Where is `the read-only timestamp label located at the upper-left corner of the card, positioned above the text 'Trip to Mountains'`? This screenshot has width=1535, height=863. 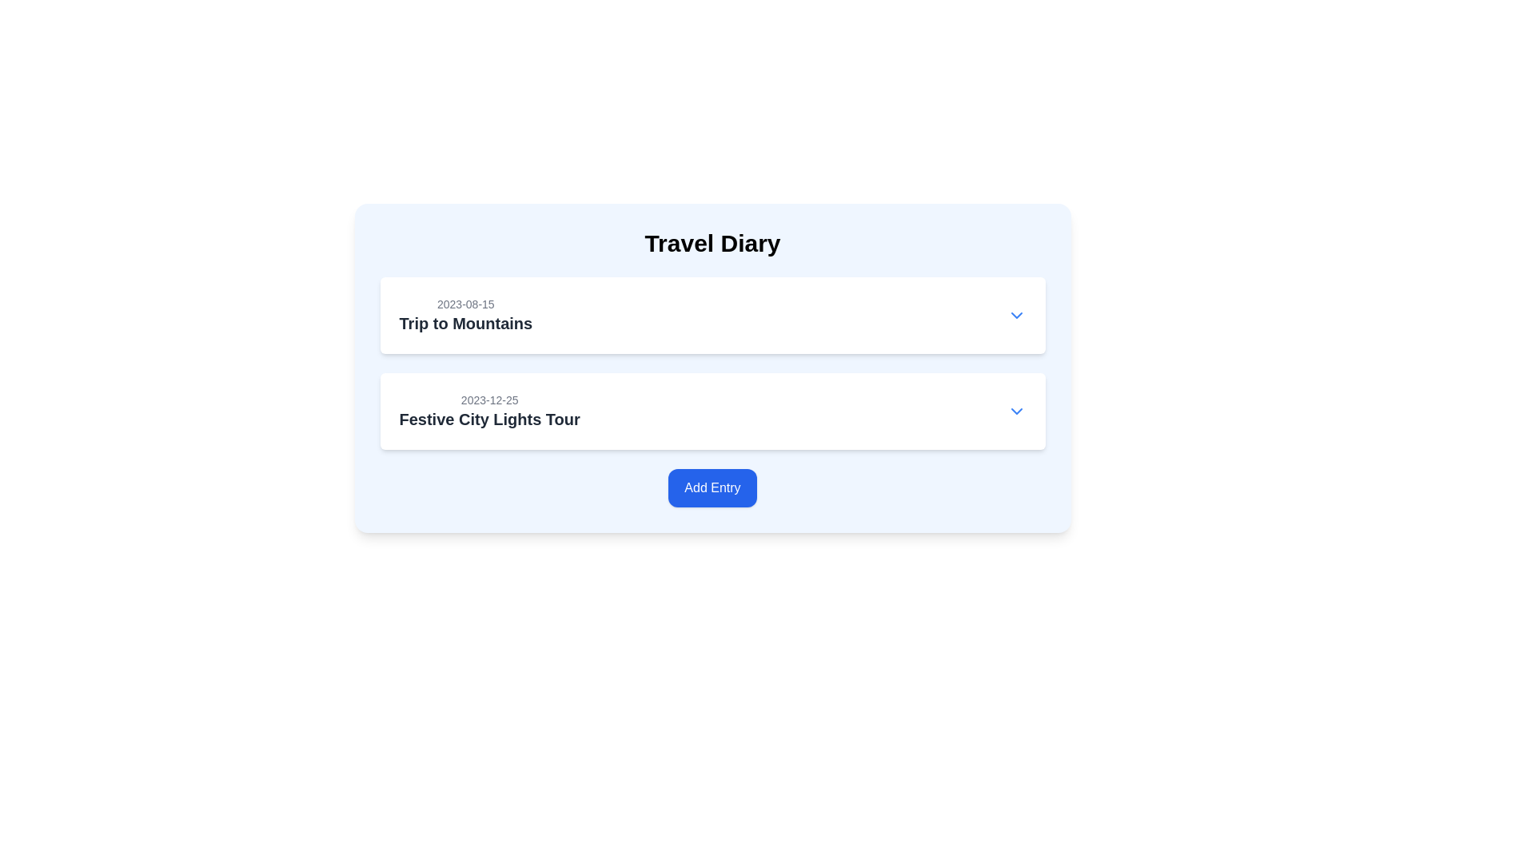 the read-only timestamp label located at the upper-left corner of the card, positioned above the text 'Trip to Mountains' is located at coordinates (464, 304).